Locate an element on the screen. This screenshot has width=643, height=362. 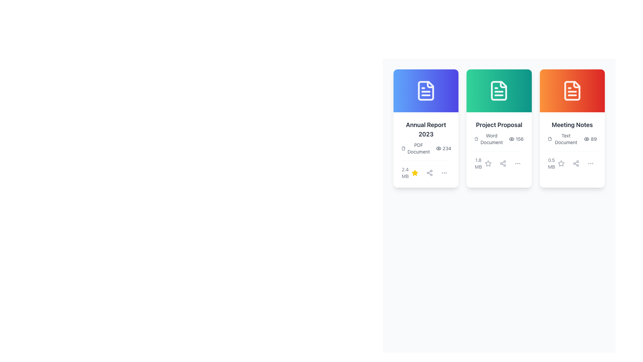
the document icon located in the blue header of the first card from the left in a sequence of three cards is located at coordinates (426, 90).